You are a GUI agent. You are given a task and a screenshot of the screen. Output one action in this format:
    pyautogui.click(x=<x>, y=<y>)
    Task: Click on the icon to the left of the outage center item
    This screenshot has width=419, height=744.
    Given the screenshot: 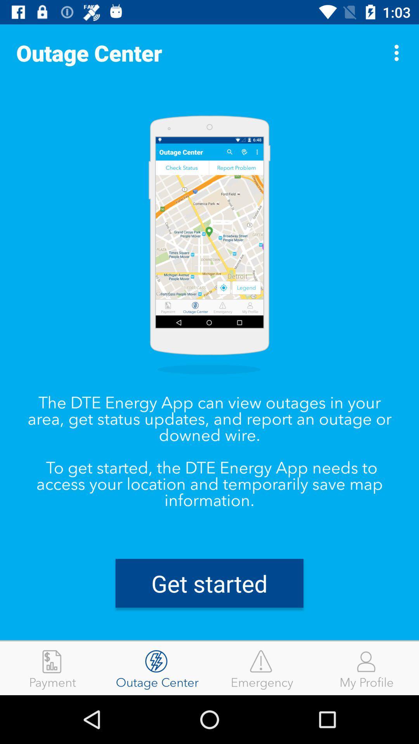 What is the action you would take?
    pyautogui.click(x=52, y=668)
    